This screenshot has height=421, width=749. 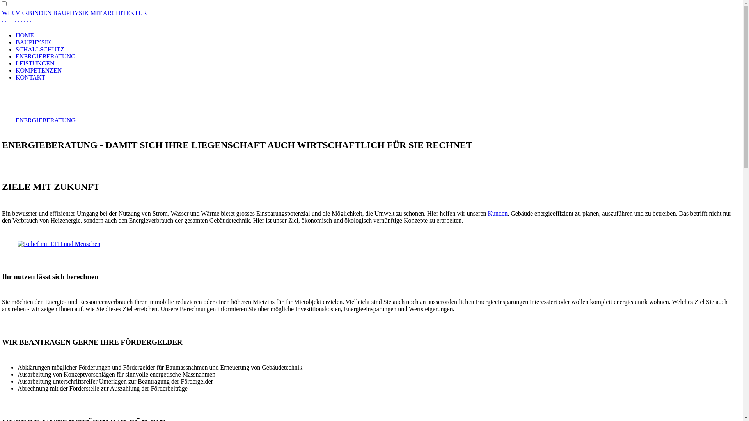 I want to click on 'ENERGIEBERATUNG', so click(x=45, y=56).